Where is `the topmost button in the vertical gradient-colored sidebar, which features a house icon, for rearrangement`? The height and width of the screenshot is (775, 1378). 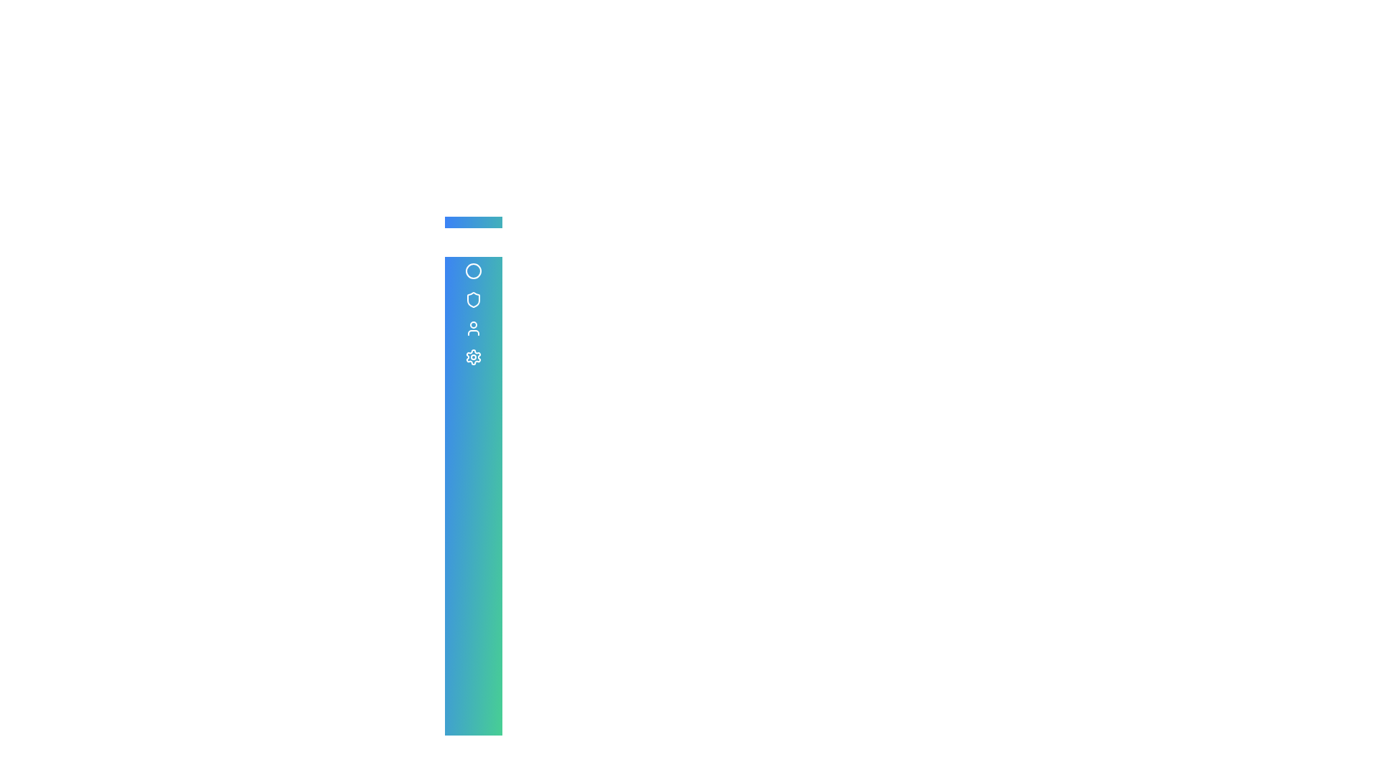
the topmost button in the vertical gradient-colored sidebar, which features a house icon, for rearrangement is located at coordinates (474, 242).